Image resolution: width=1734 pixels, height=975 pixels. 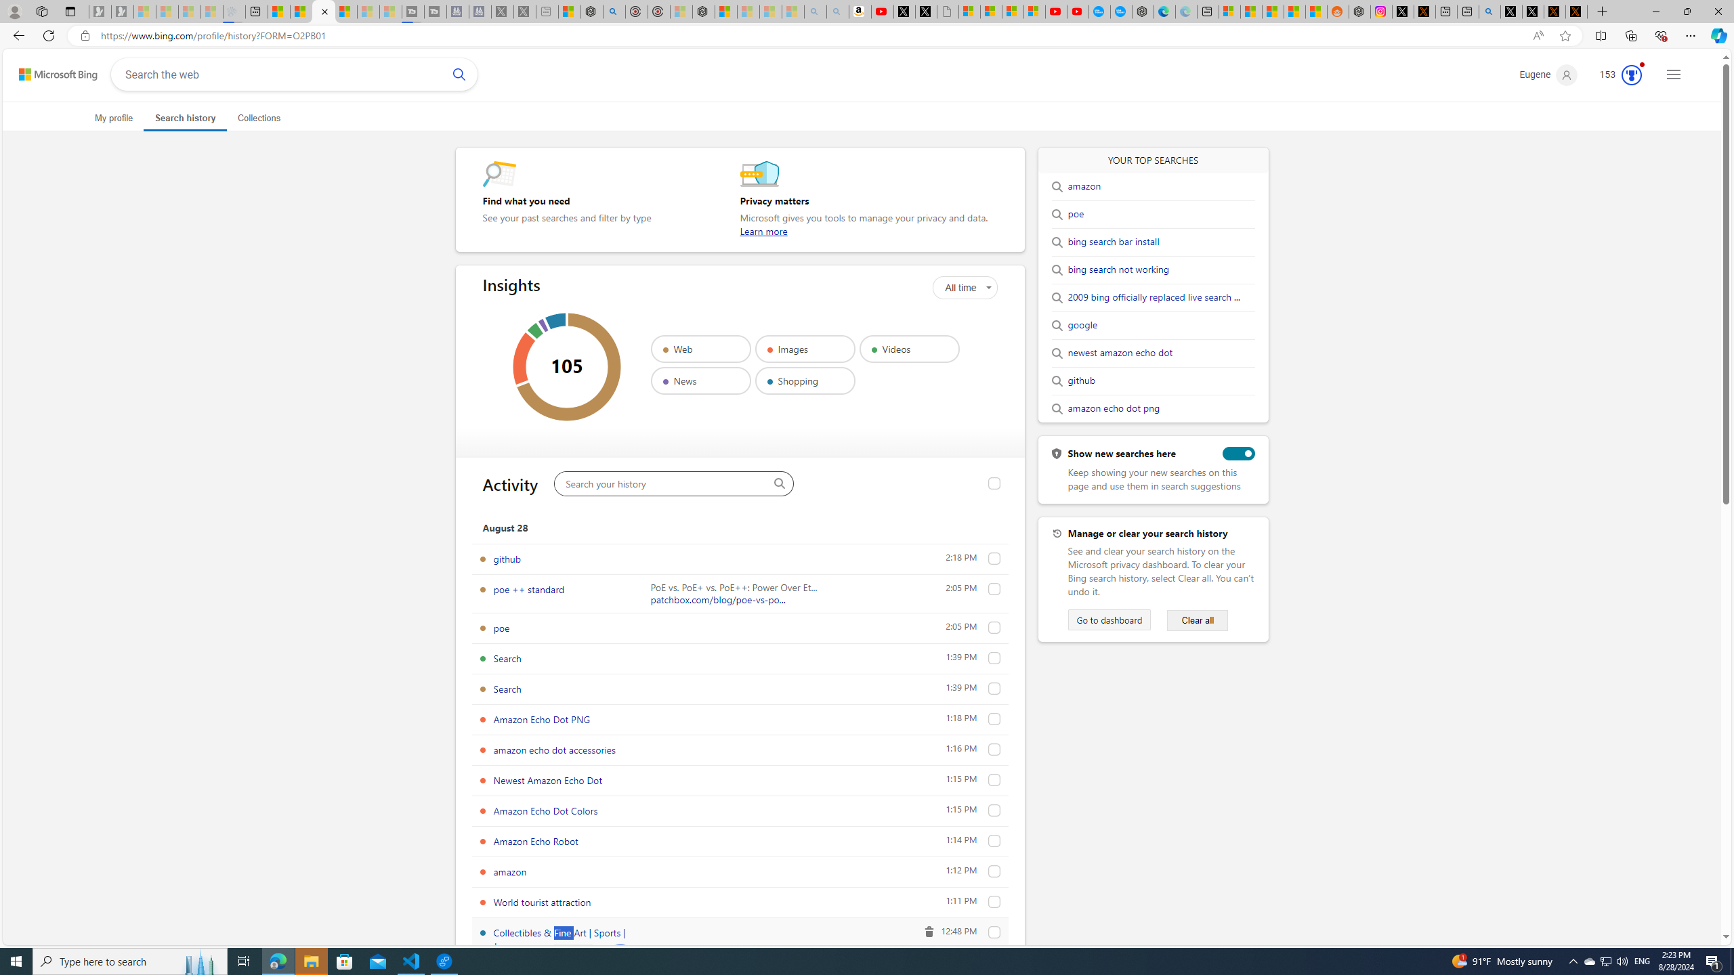 What do you see at coordinates (121, 11) in the screenshot?
I see `'Newsletter Sign Up - Sleeping'` at bounding box center [121, 11].